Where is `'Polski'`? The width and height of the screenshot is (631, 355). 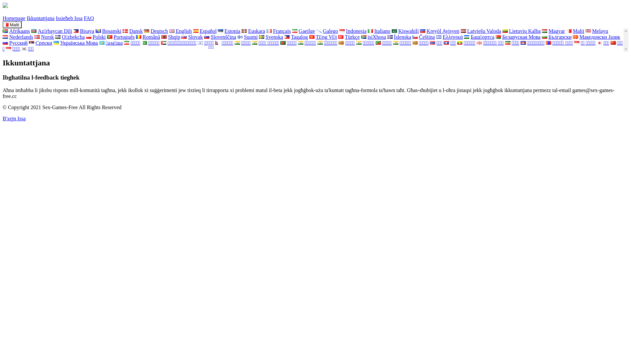
'Polski' is located at coordinates (96, 37).